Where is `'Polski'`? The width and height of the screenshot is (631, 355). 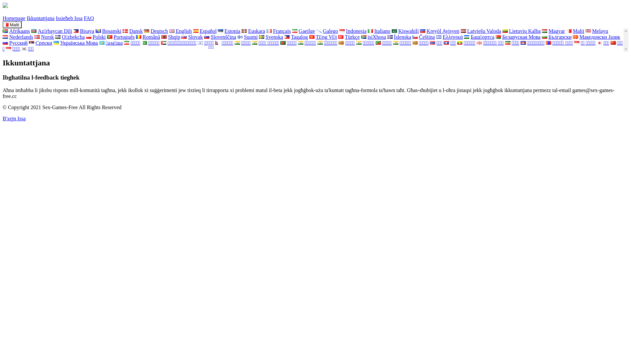
'Polski' is located at coordinates (96, 37).